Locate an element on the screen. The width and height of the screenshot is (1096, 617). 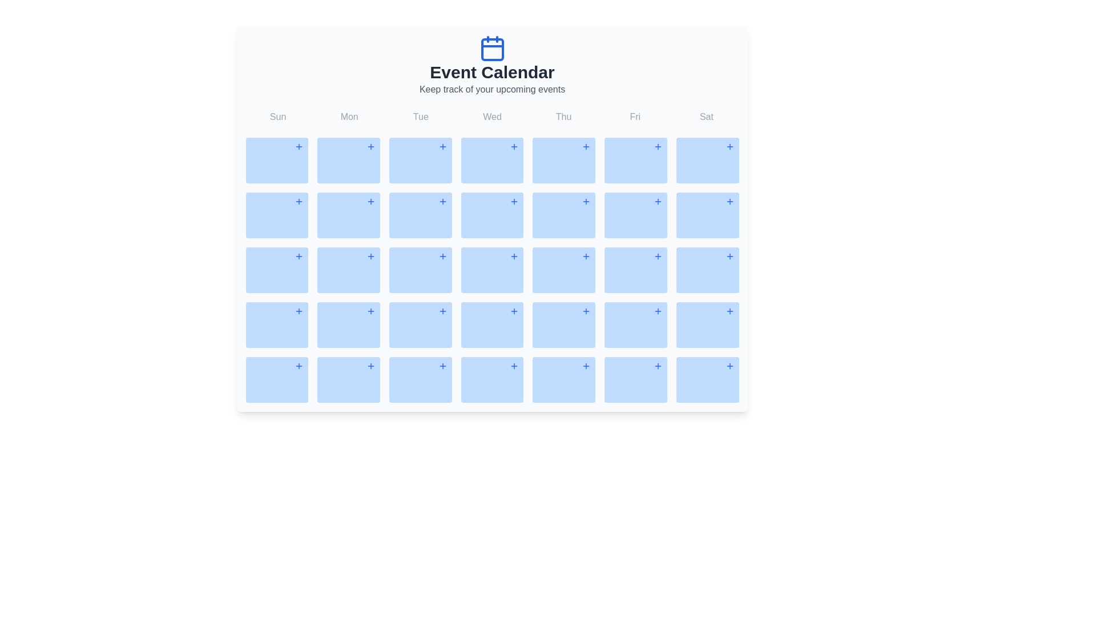
the static text label denoting 'Mon' in the second position from the left in the row of weekday labels at the top of the calendar grid is located at coordinates (349, 117).